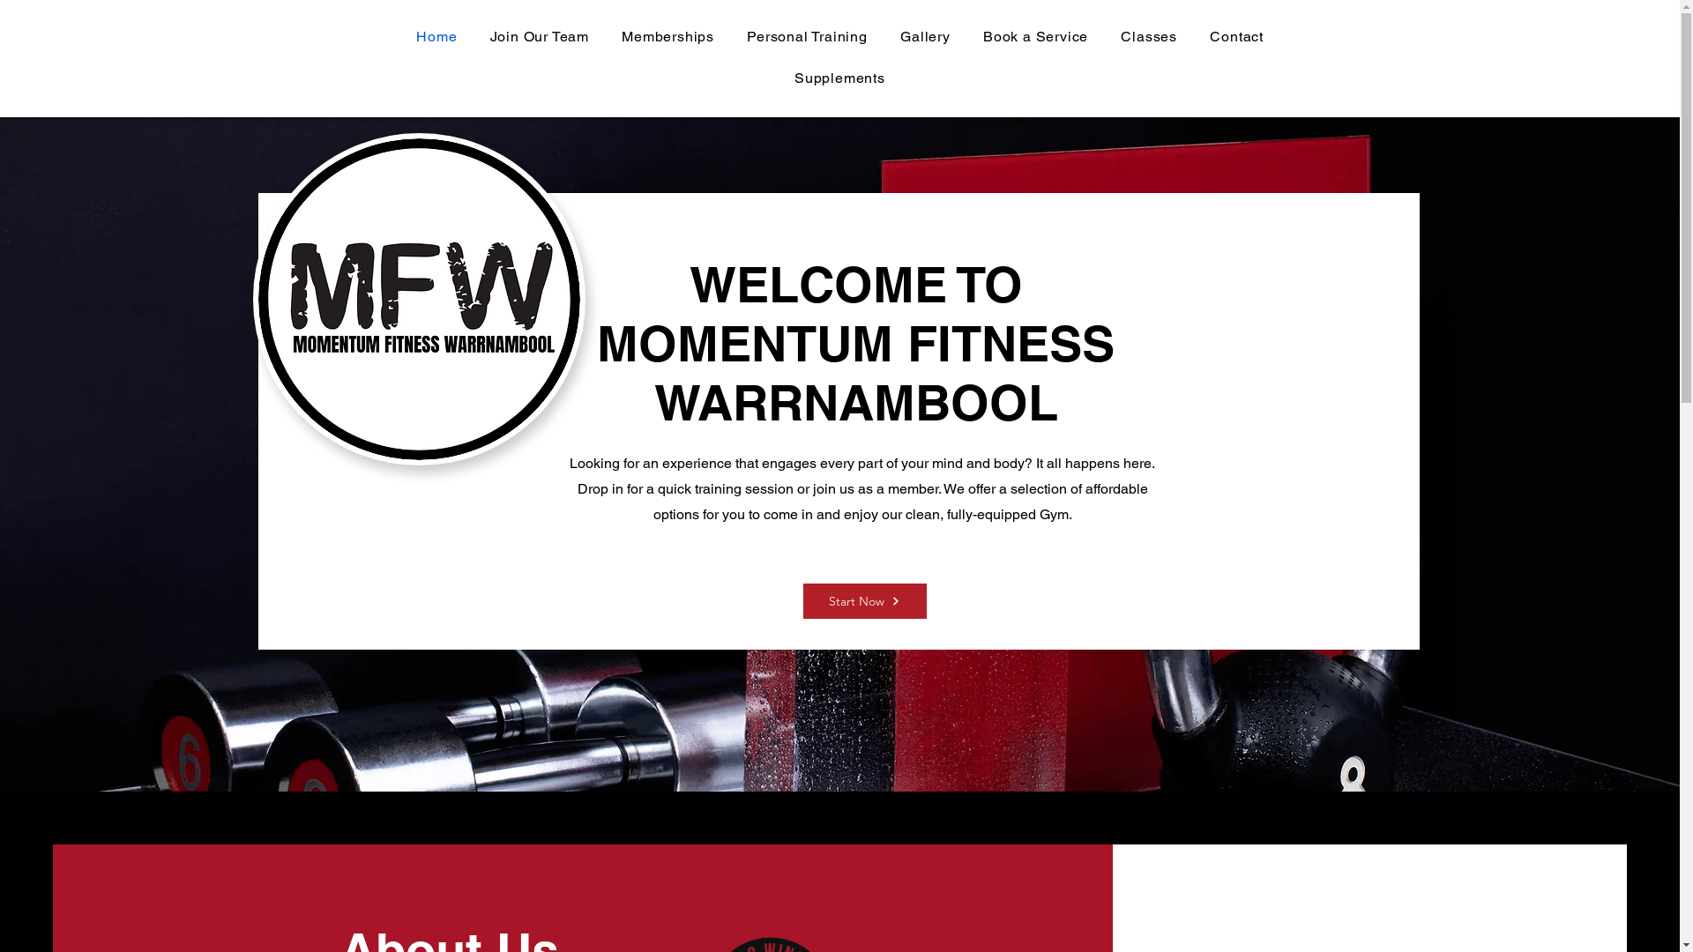 The image size is (1693, 952). What do you see at coordinates (839, 77) in the screenshot?
I see `'Supplements'` at bounding box center [839, 77].